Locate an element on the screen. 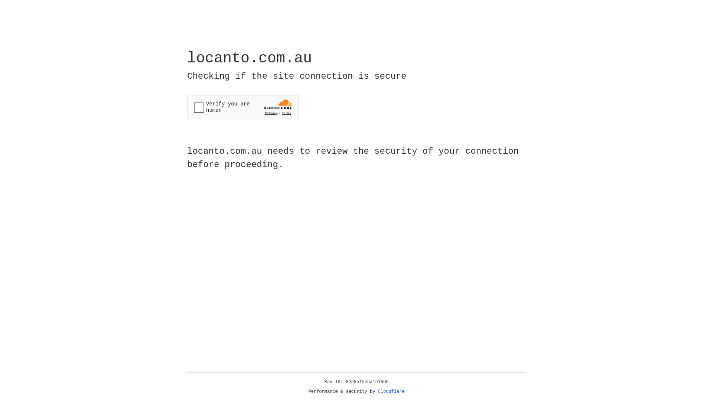 The width and height of the screenshot is (713, 401). 'Cloudflare' is located at coordinates (391, 391).